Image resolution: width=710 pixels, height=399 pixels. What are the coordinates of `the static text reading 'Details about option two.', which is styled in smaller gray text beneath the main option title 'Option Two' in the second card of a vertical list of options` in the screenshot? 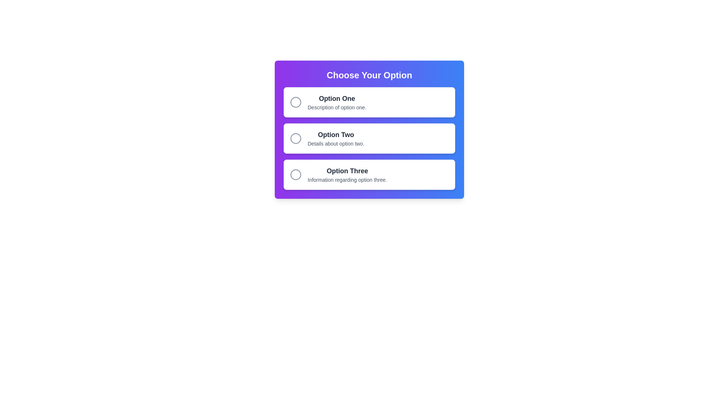 It's located at (335, 144).